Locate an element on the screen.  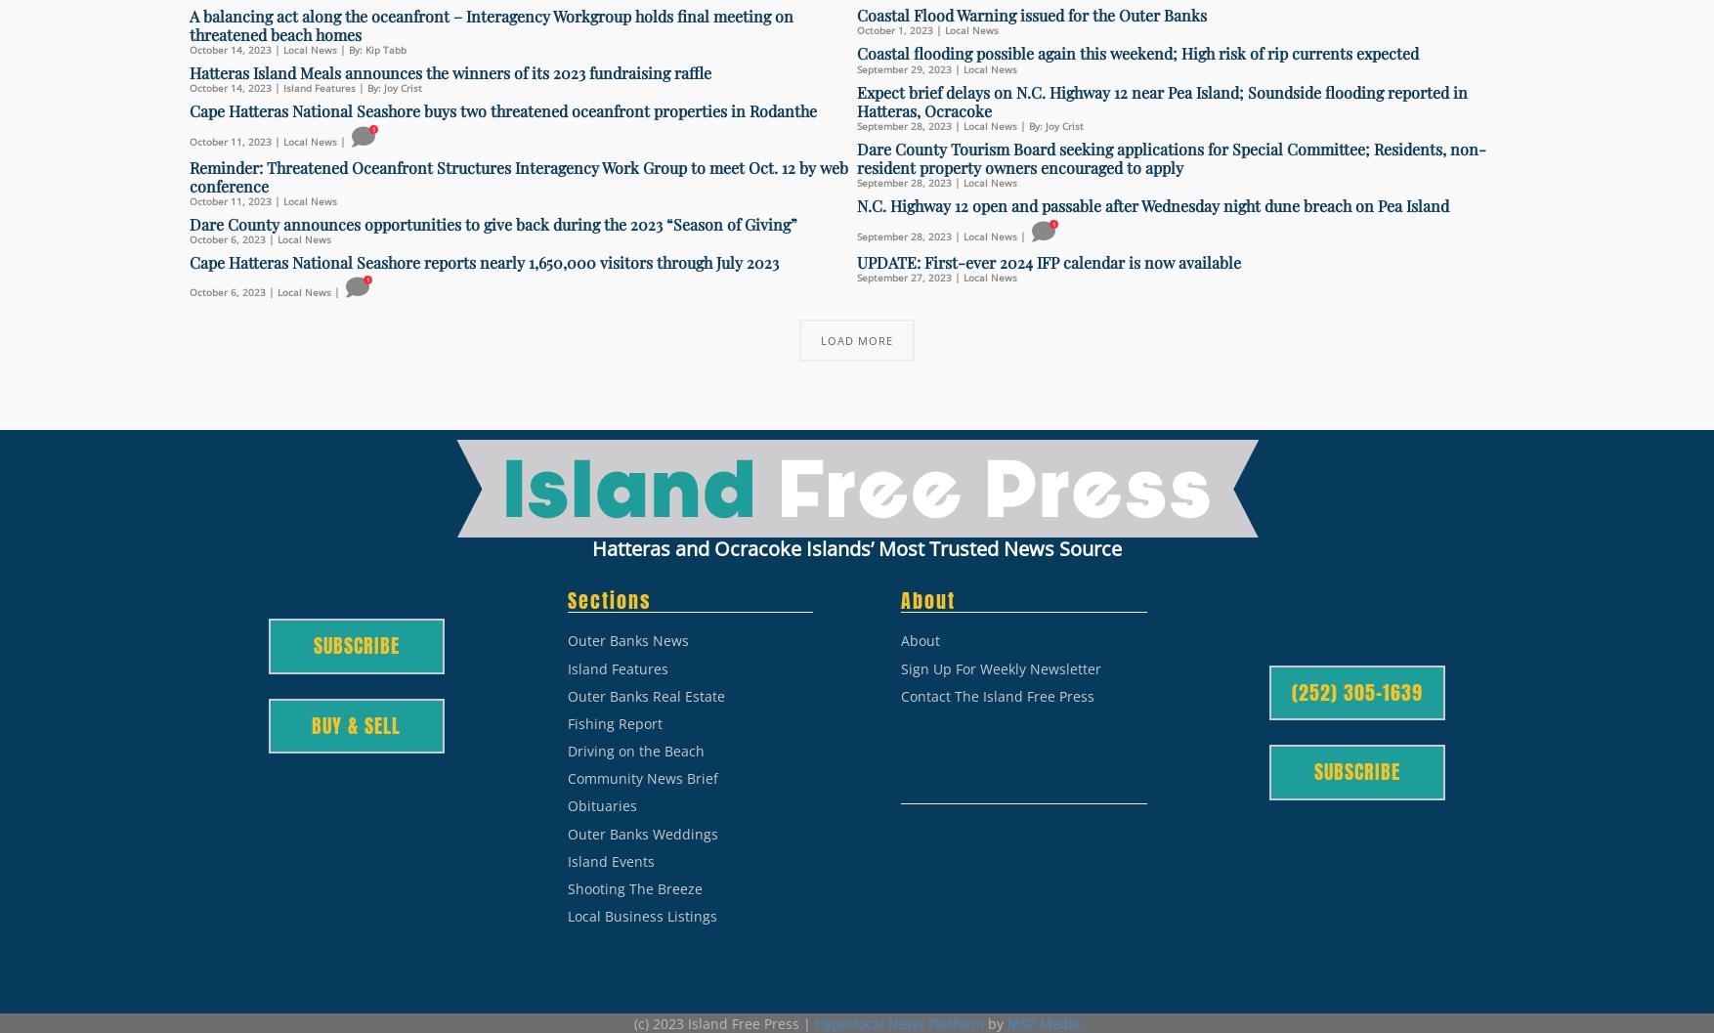
'Hatteras Island Meals announces the winners of its 2023 fundraising raffle' is located at coordinates (449, 72).